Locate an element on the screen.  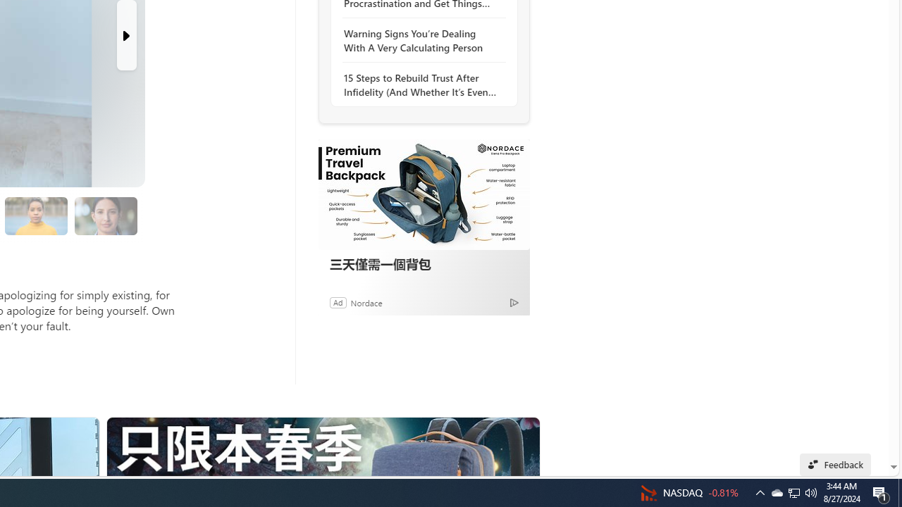
'Class: progress' is located at coordinates (105, 213).